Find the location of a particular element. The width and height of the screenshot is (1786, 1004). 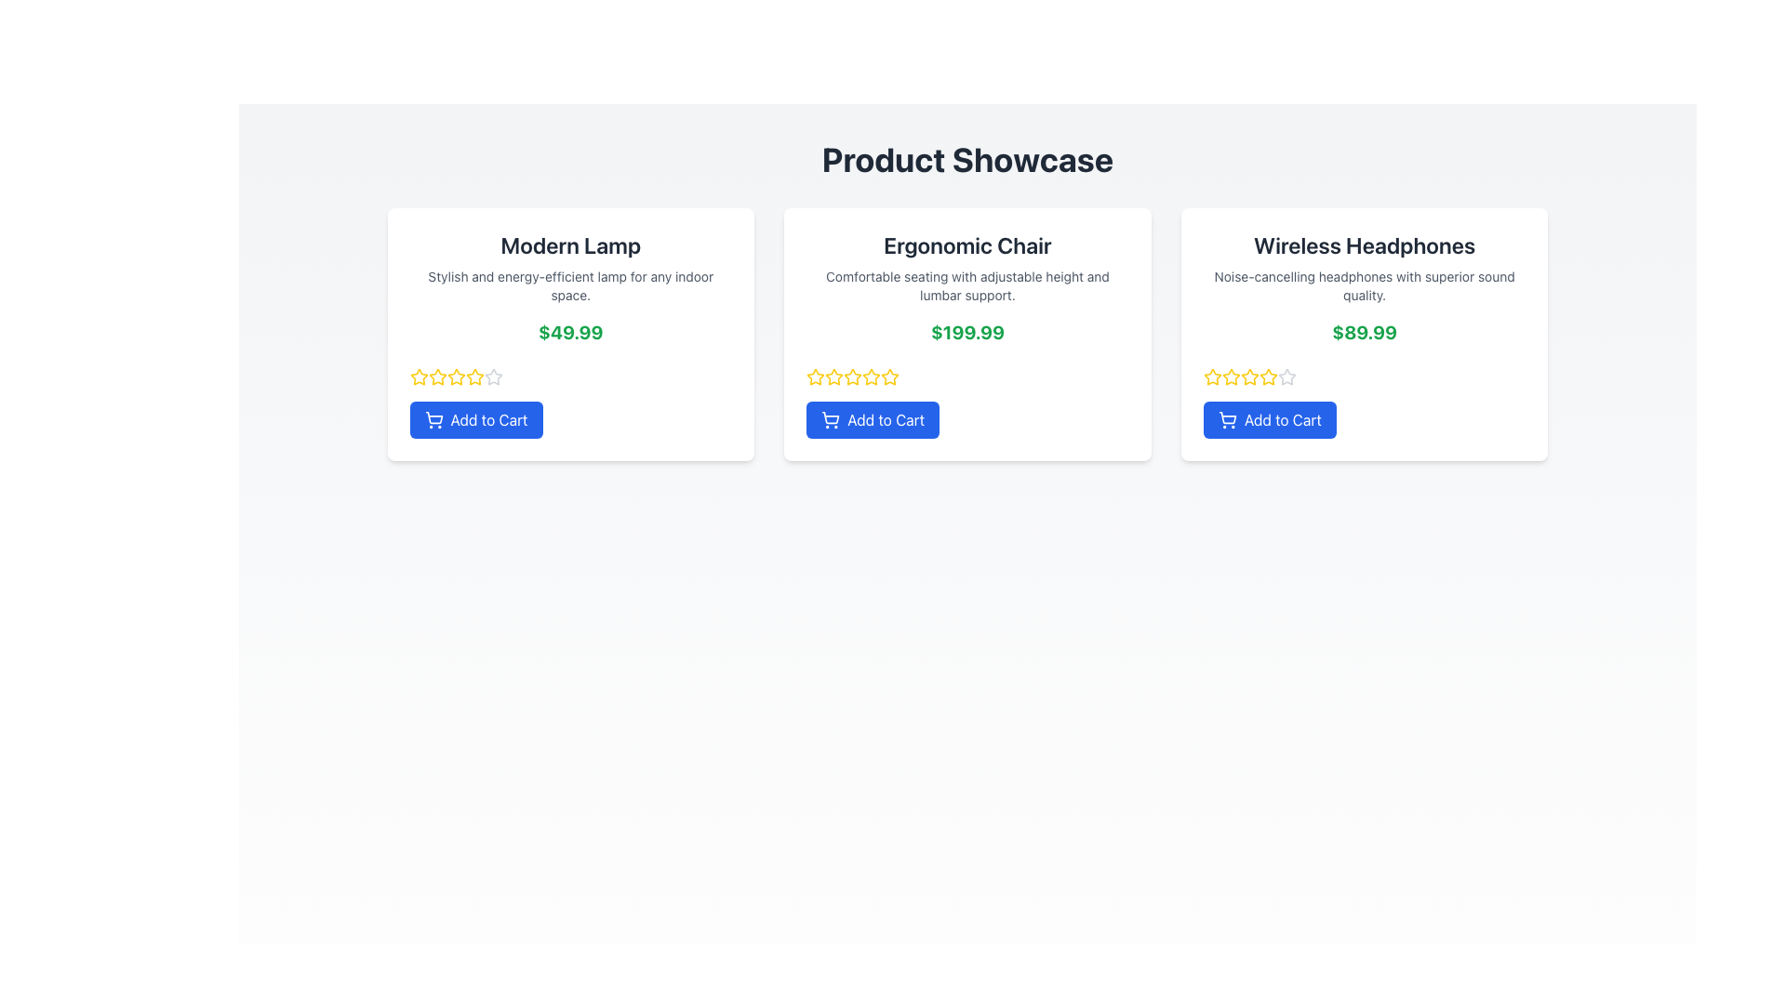

the text label displaying 'Ergonomic Chair', which is bold, dark gray, and prominently placed at the top of the middle product card is located at coordinates (967, 244).